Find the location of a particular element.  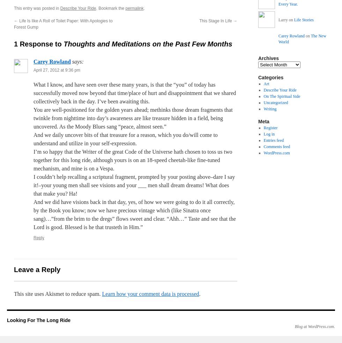

'Archives' is located at coordinates (258, 57).